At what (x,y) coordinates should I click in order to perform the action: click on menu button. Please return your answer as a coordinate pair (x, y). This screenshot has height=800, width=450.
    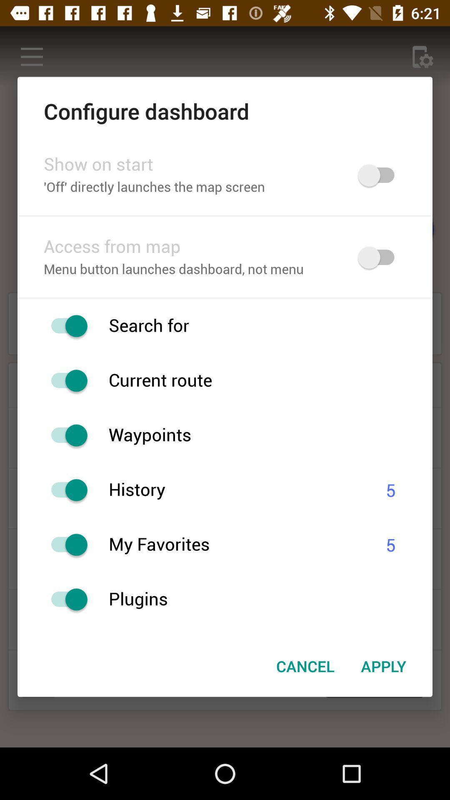
    Looking at the image, I should click on (65, 599).